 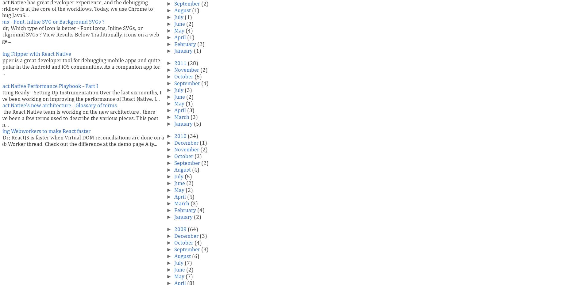 I want to click on '2010', so click(x=180, y=136).